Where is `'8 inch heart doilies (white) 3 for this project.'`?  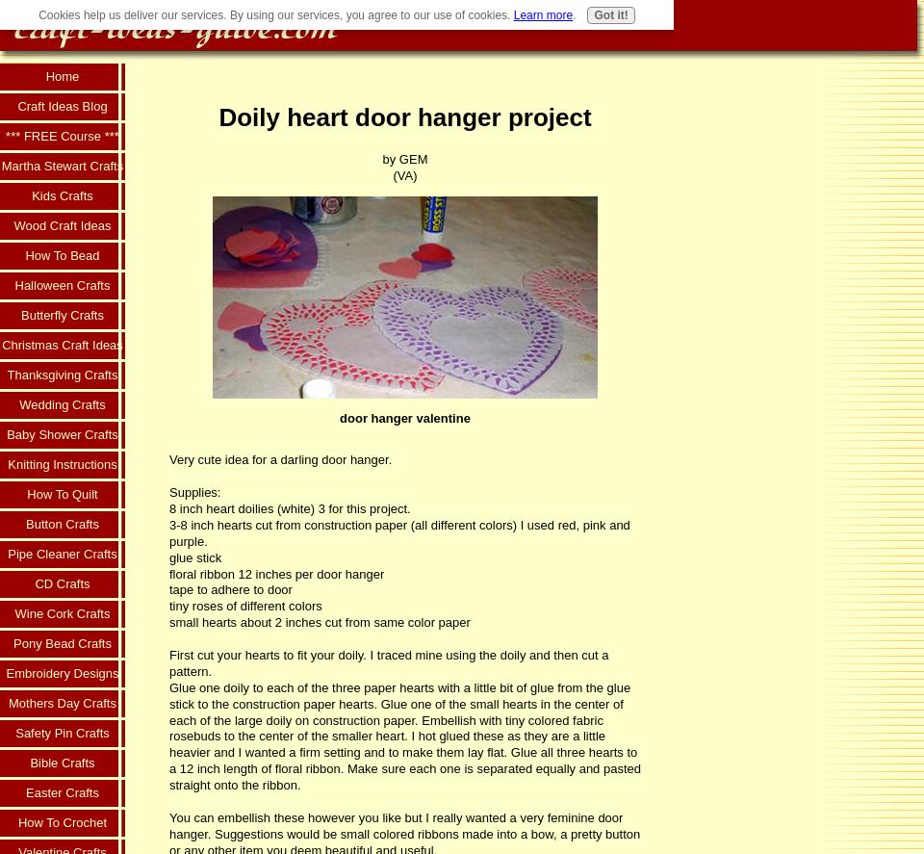 '8 inch heart doilies (white) 3 for this project.' is located at coordinates (167, 507).